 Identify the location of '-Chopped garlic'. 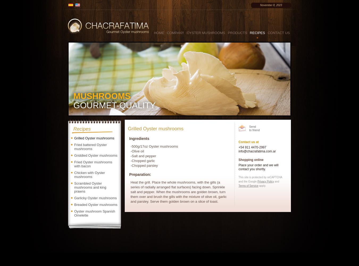
(142, 160).